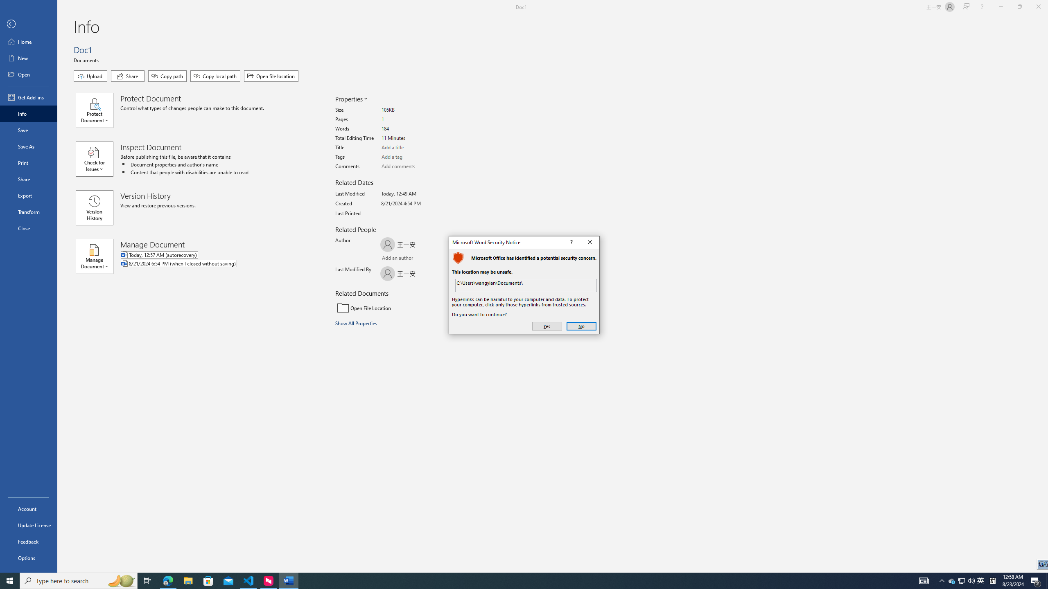  Describe the element at coordinates (412, 138) in the screenshot. I see `'Total Editing Time'` at that location.